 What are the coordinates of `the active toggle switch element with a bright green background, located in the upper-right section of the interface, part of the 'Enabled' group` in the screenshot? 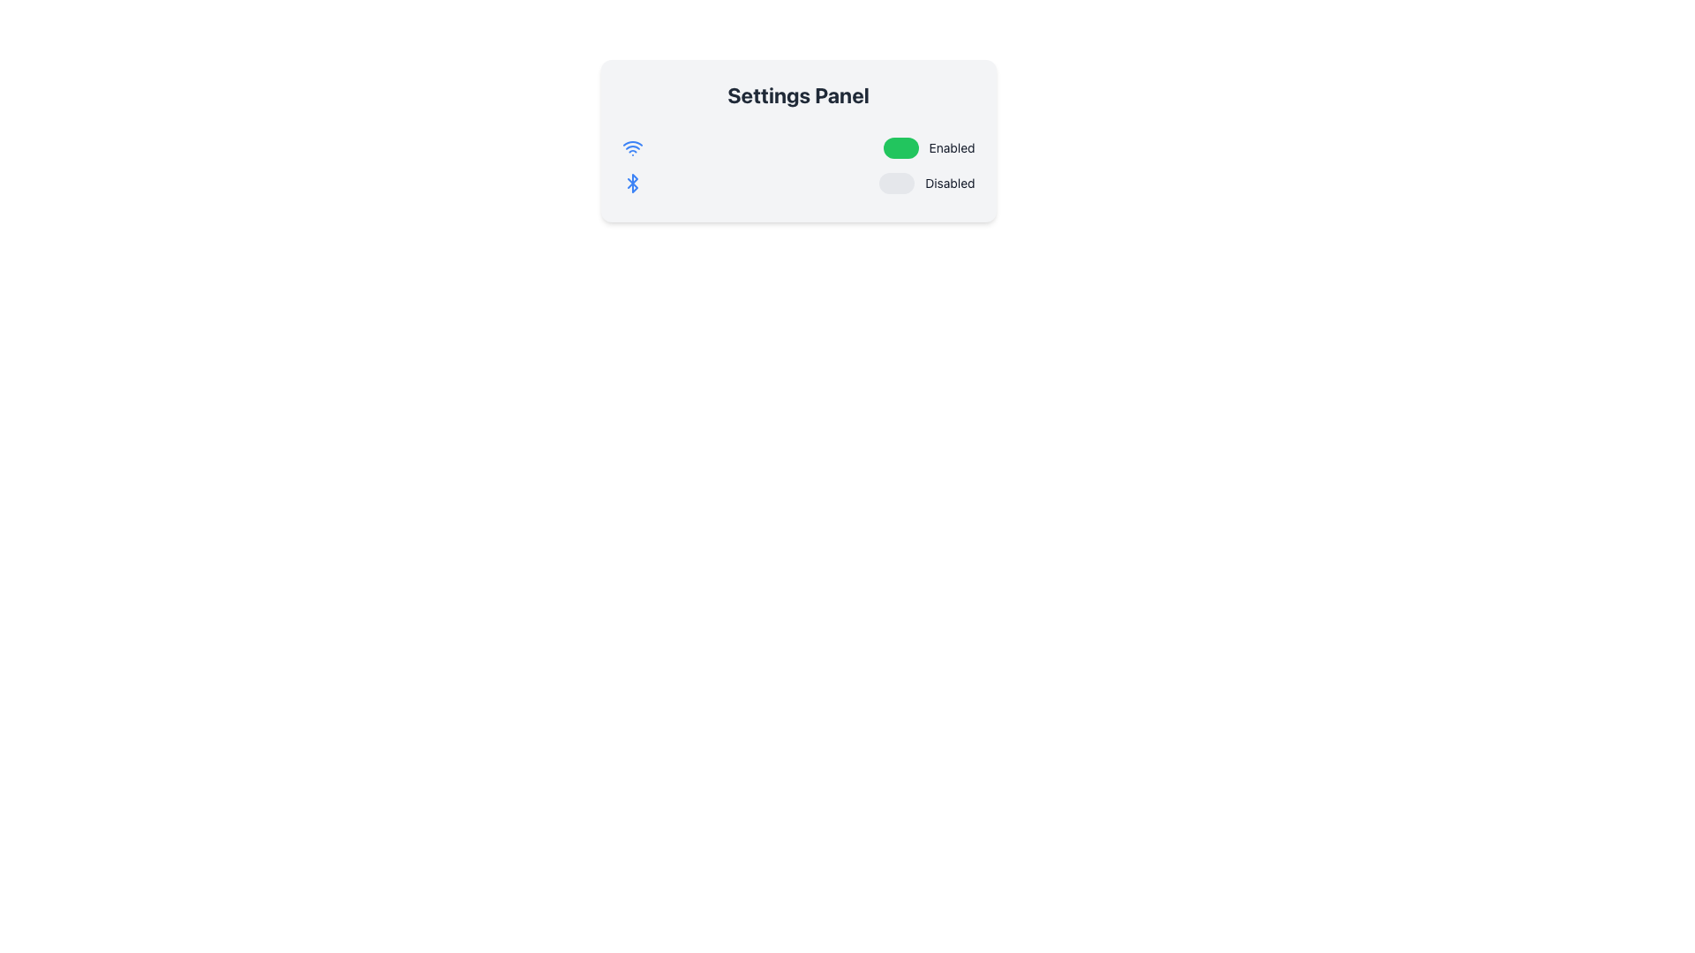 It's located at (900, 147).